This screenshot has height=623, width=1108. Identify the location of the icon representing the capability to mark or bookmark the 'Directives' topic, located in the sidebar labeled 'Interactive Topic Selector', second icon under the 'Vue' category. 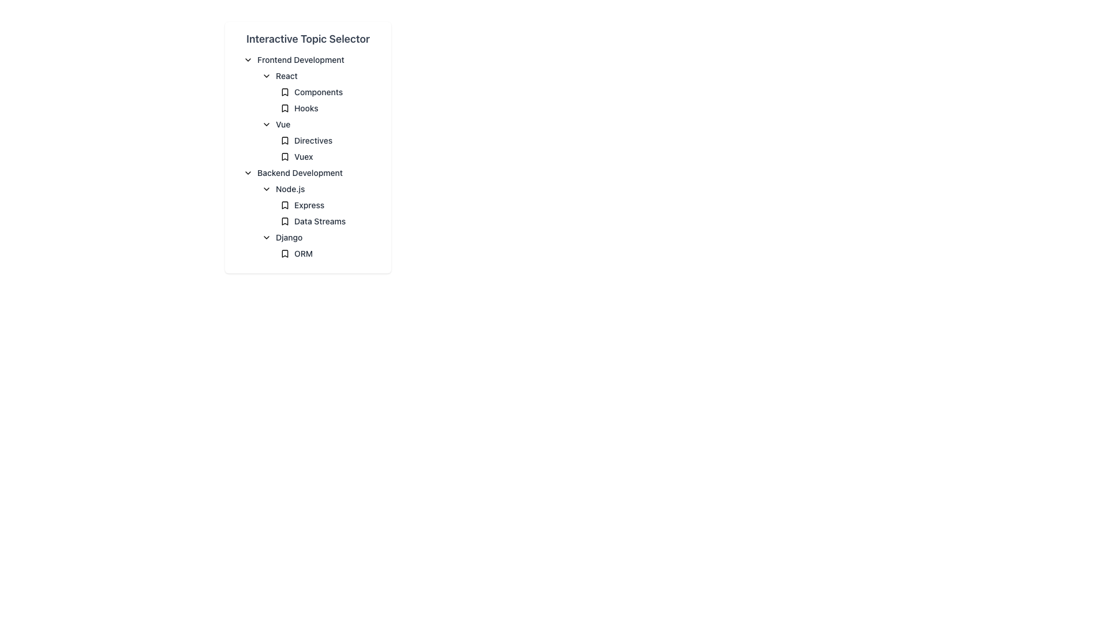
(285, 140).